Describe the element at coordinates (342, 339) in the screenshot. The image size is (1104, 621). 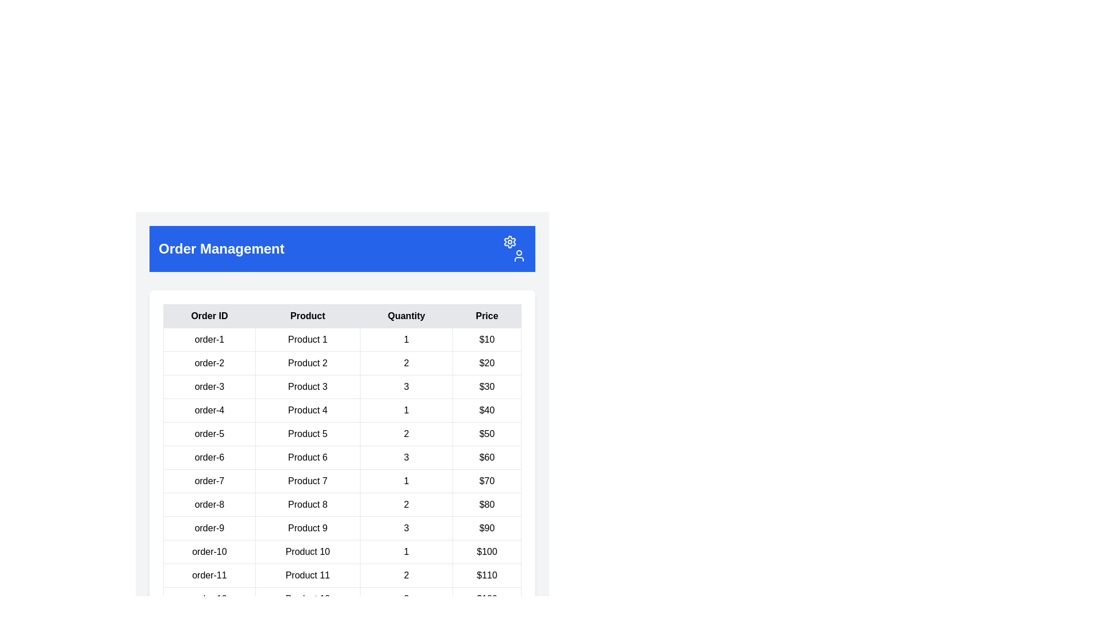
I see `the first data row` at that location.